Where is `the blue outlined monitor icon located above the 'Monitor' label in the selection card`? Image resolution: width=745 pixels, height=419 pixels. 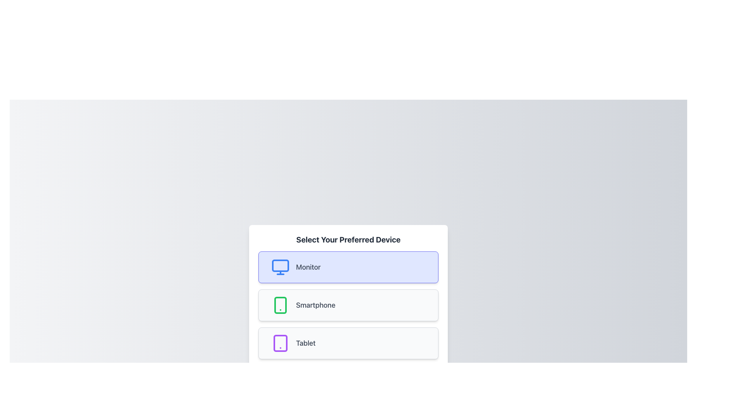 the blue outlined monitor icon located above the 'Monitor' label in the selection card is located at coordinates (280, 267).